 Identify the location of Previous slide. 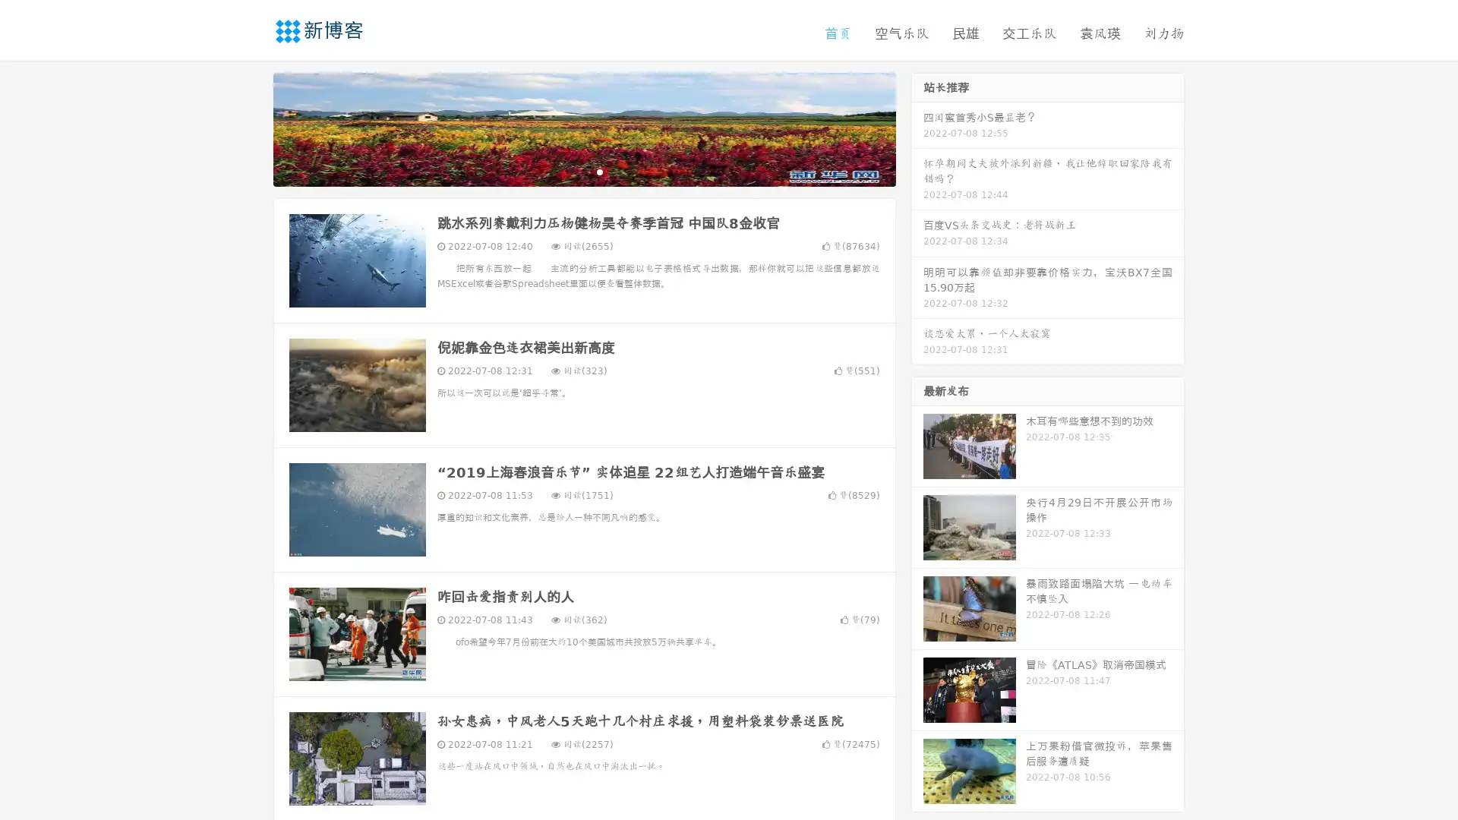
(251, 128).